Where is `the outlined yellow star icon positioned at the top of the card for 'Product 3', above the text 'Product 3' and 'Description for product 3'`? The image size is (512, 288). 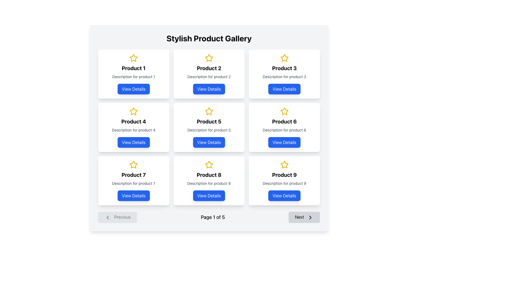
the outlined yellow star icon positioned at the top of the card for 'Product 3', above the text 'Product 3' and 'Description for product 3' is located at coordinates (284, 58).